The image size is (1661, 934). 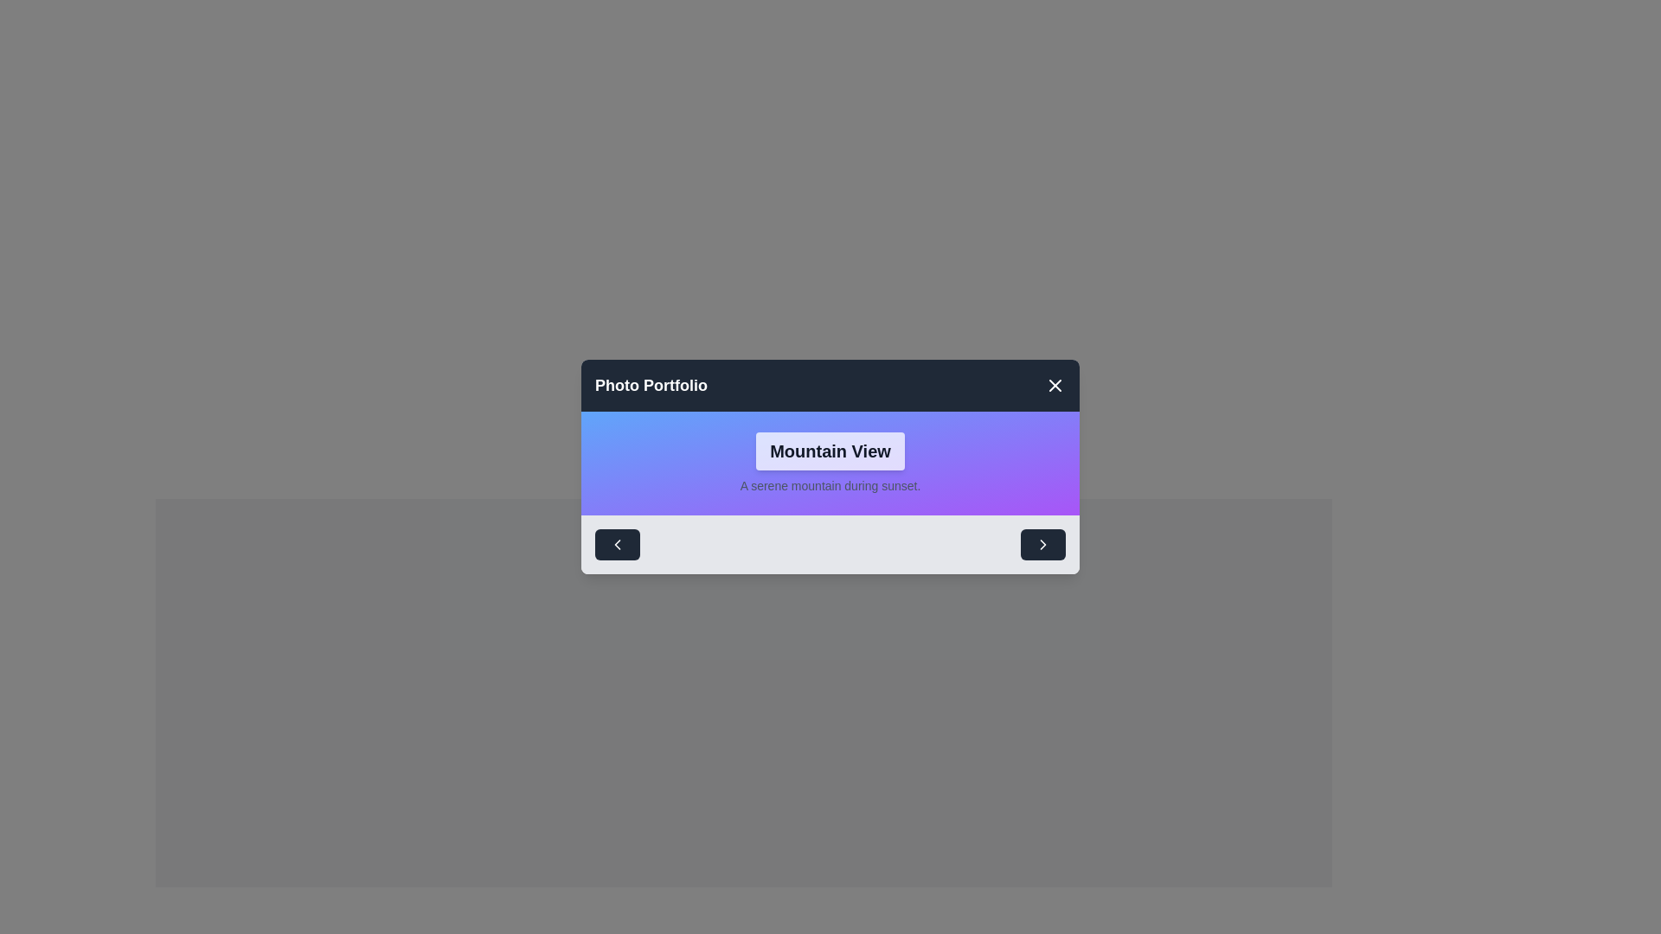 I want to click on the button with a dark gray background and a rightward pointing chevron icon, so click(x=1042, y=543).